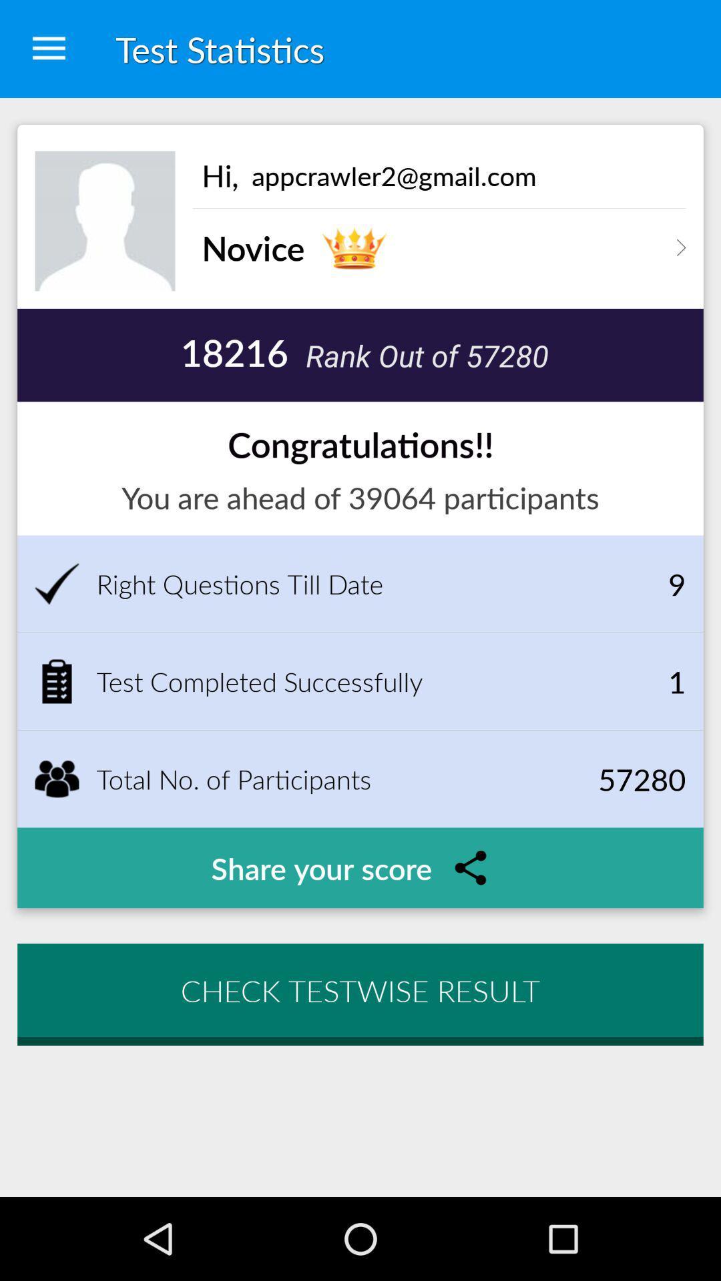  Describe the element at coordinates (360, 990) in the screenshot. I see `check testwise result icon` at that location.